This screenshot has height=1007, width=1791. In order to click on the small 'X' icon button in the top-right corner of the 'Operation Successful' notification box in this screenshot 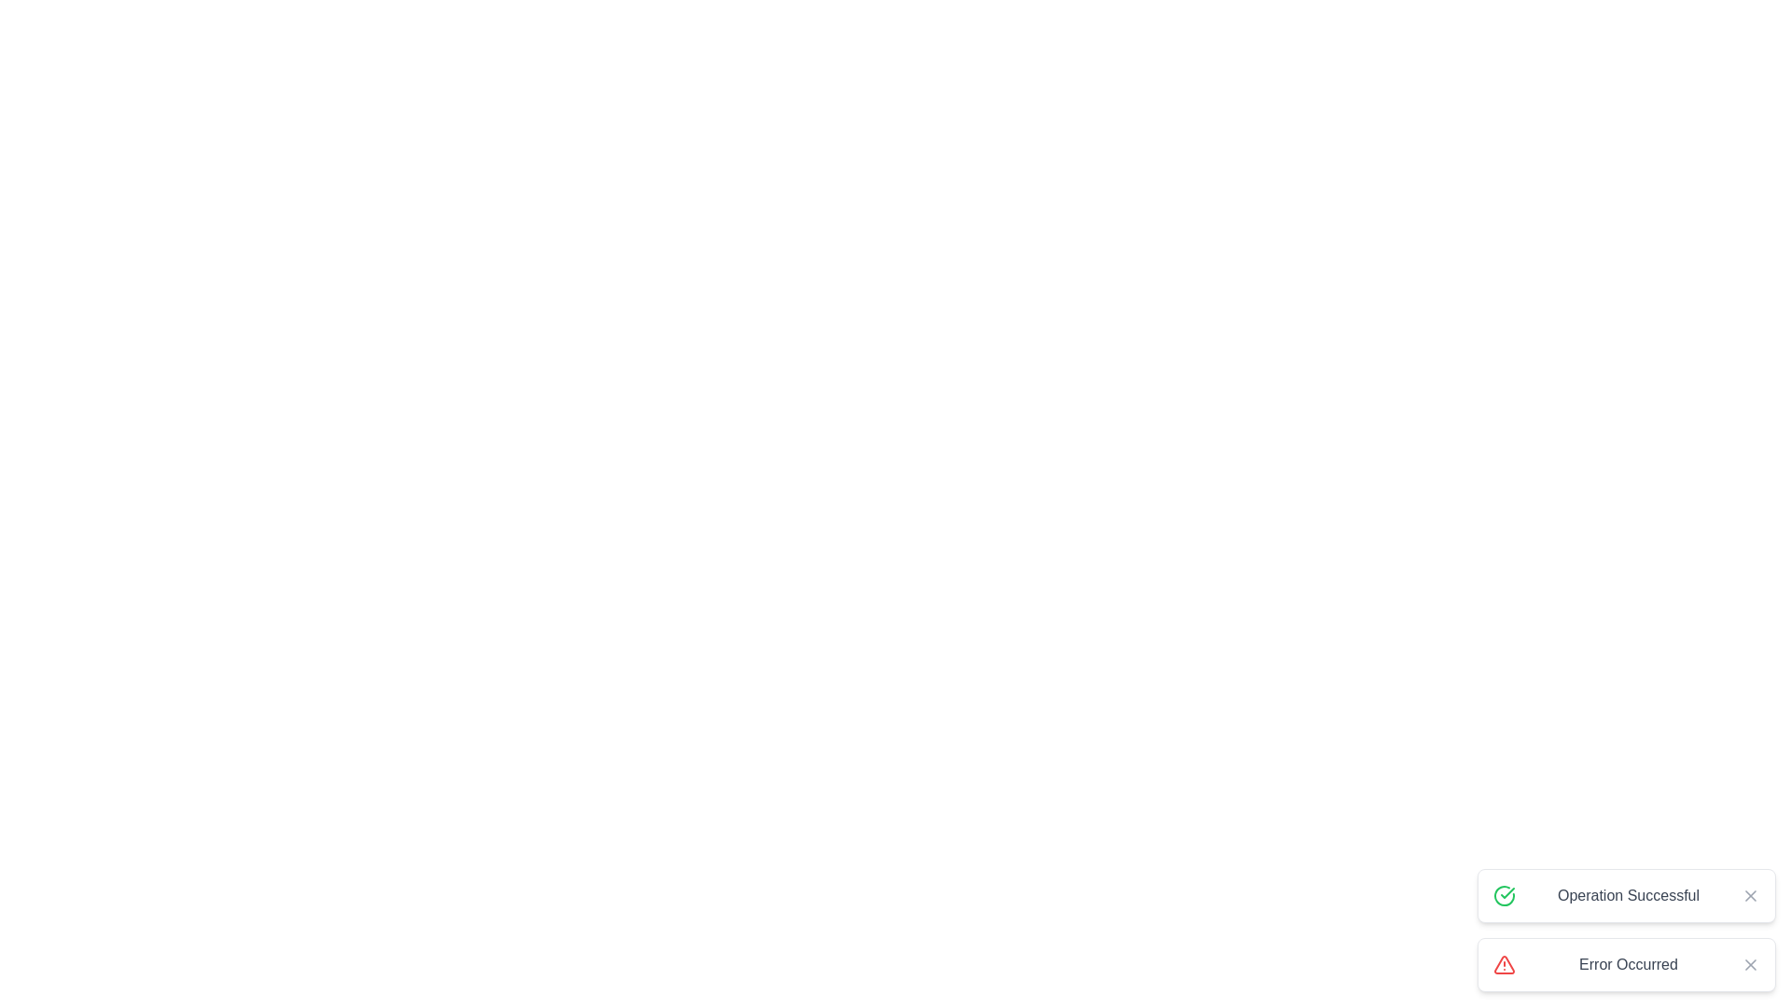, I will do `click(1749, 894)`.